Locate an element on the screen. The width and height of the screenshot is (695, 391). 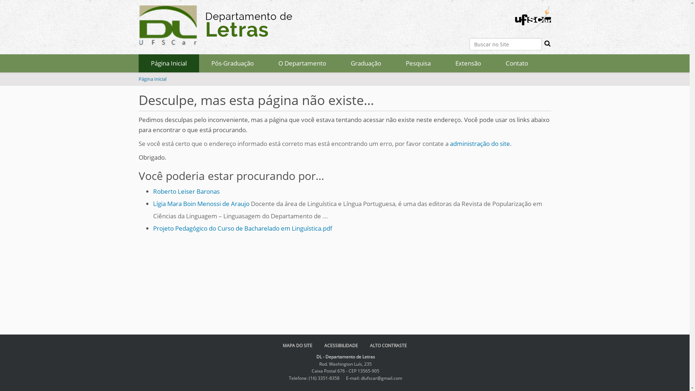
'MAPA DO SITE' is located at coordinates (297, 345).